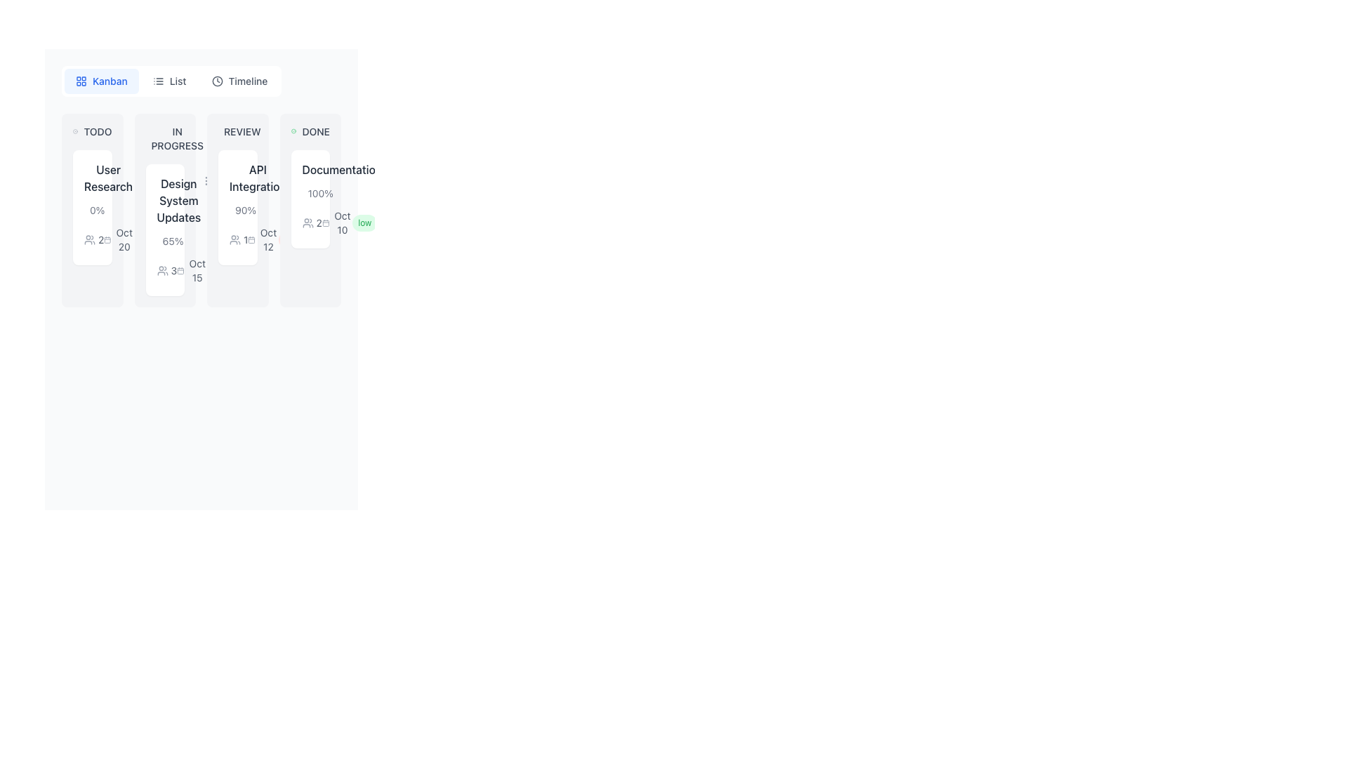 The height and width of the screenshot is (758, 1348). What do you see at coordinates (165, 211) in the screenshot?
I see `the second task card in the Kanban interface, located under the 'IN PROGRESS' column` at bounding box center [165, 211].